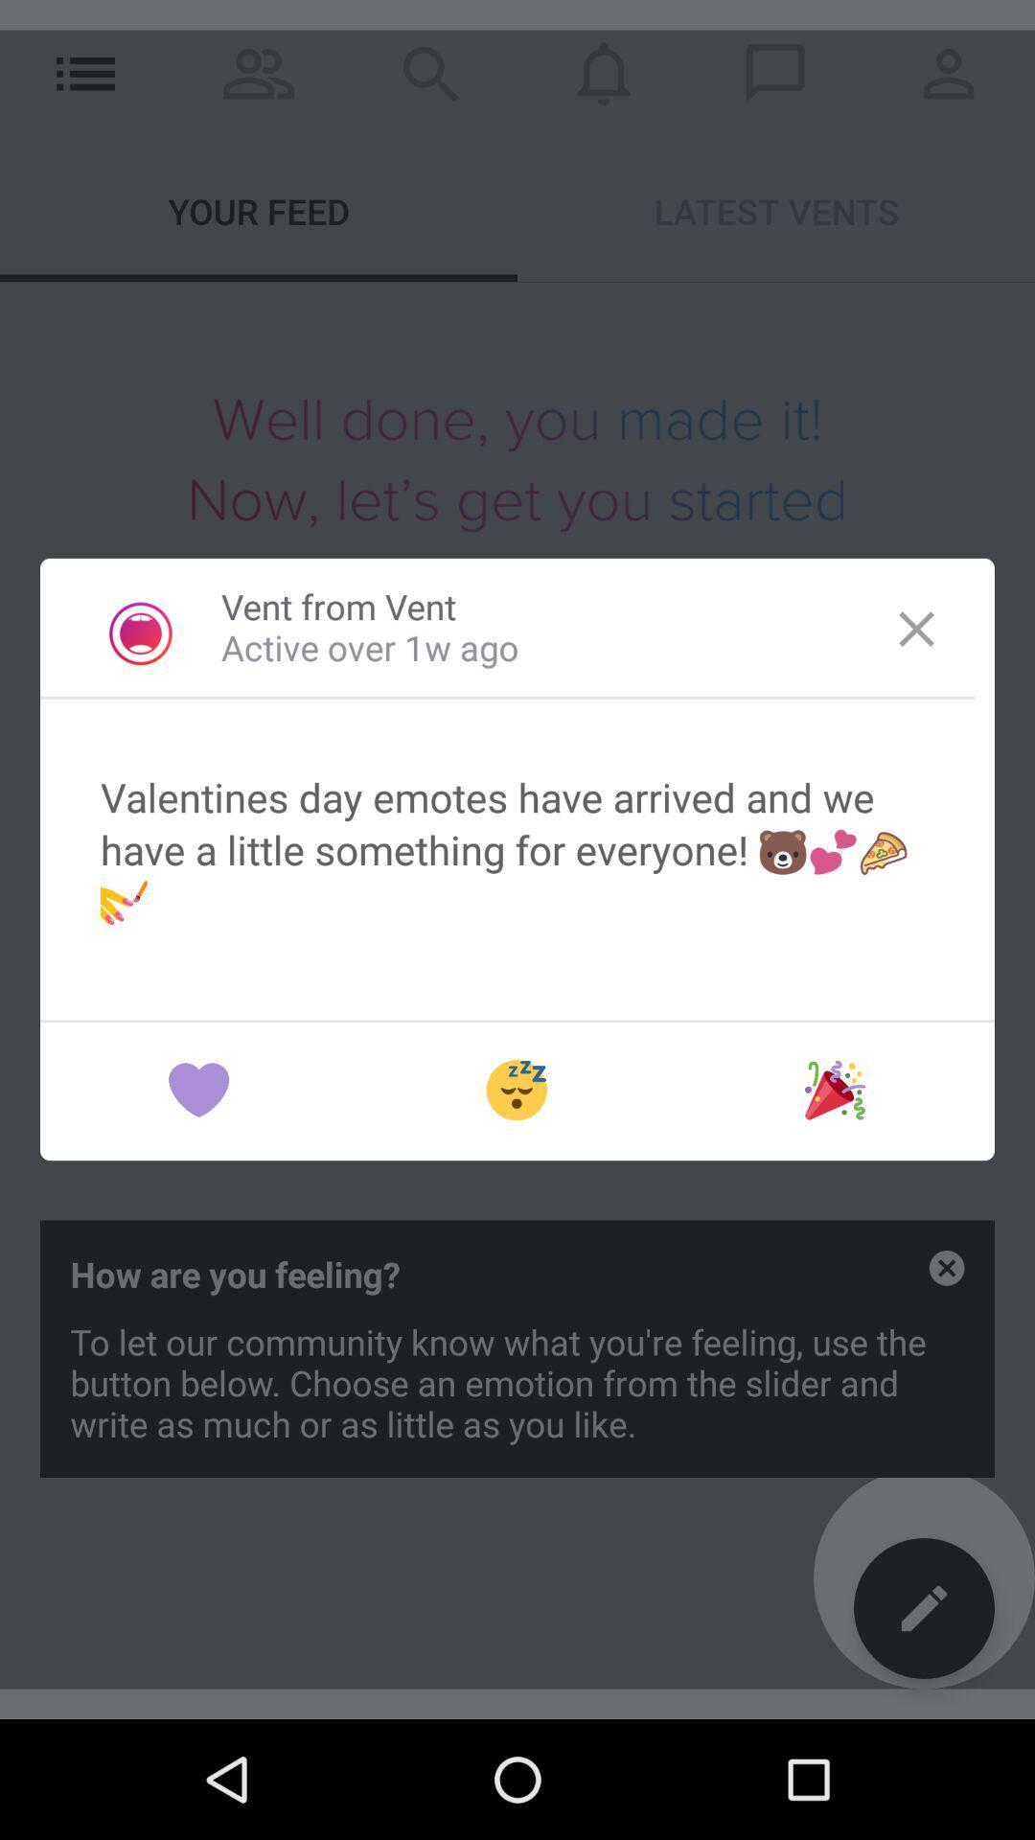 The width and height of the screenshot is (1035, 1840). I want to click on valentines day emotes item, so click(517, 848).